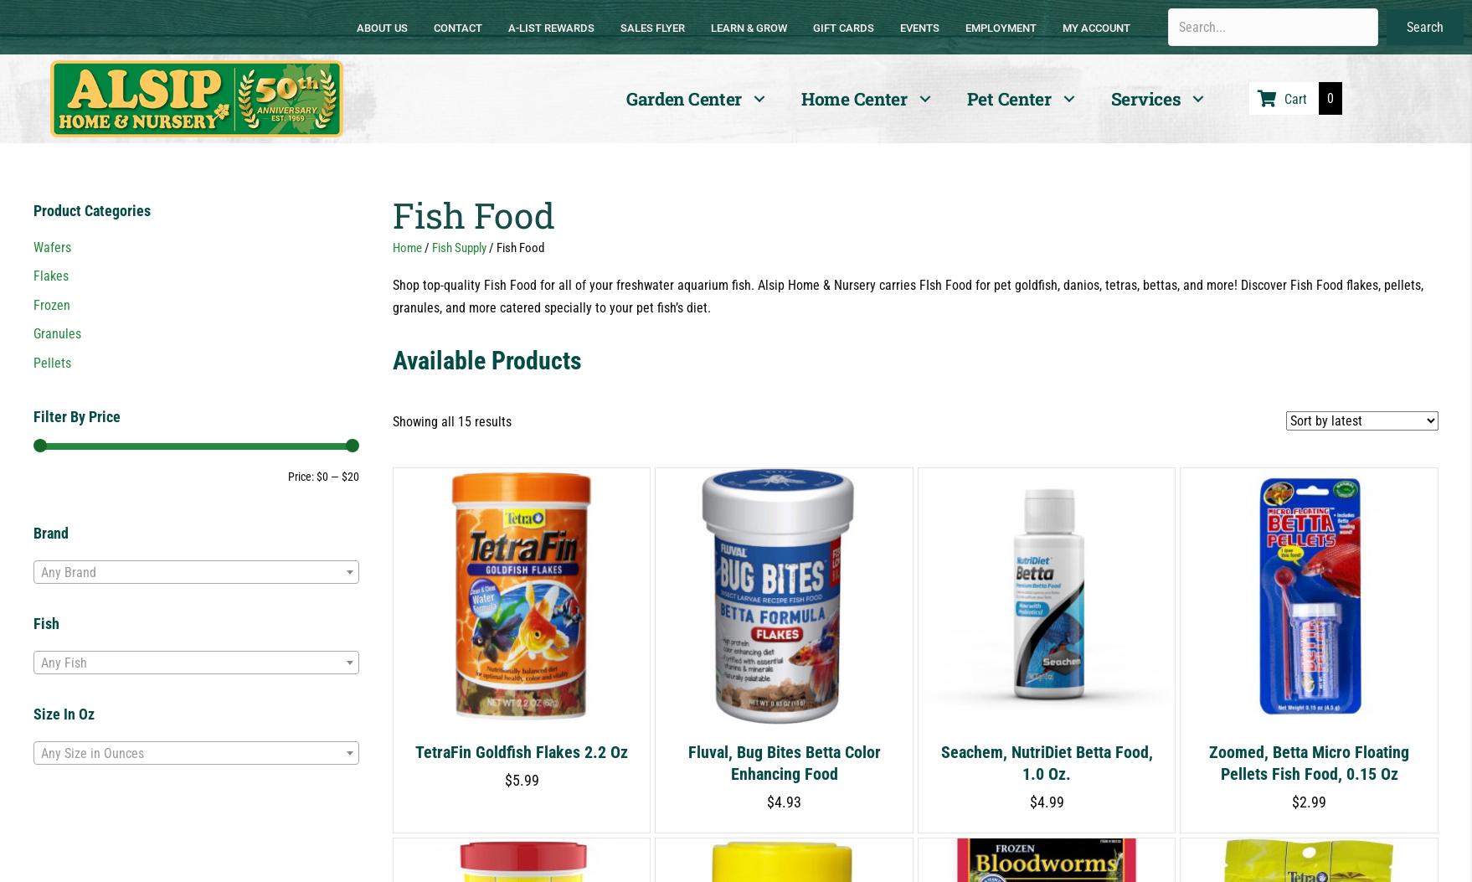 The width and height of the screenshot is (1472, 882). What do you see at coordinates (525, 780) in the screenshot?
I see `'5.99'` at bounding box center [525, 780].